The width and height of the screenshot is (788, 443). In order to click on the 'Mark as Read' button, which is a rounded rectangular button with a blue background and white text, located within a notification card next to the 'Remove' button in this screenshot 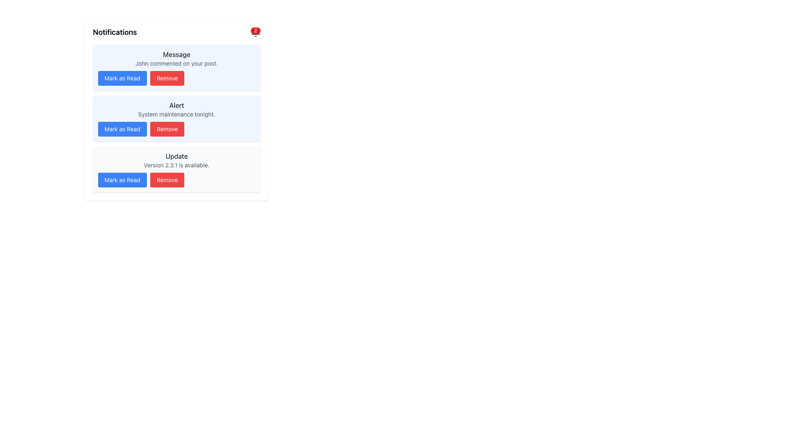, I will do `click(122, 78)`.